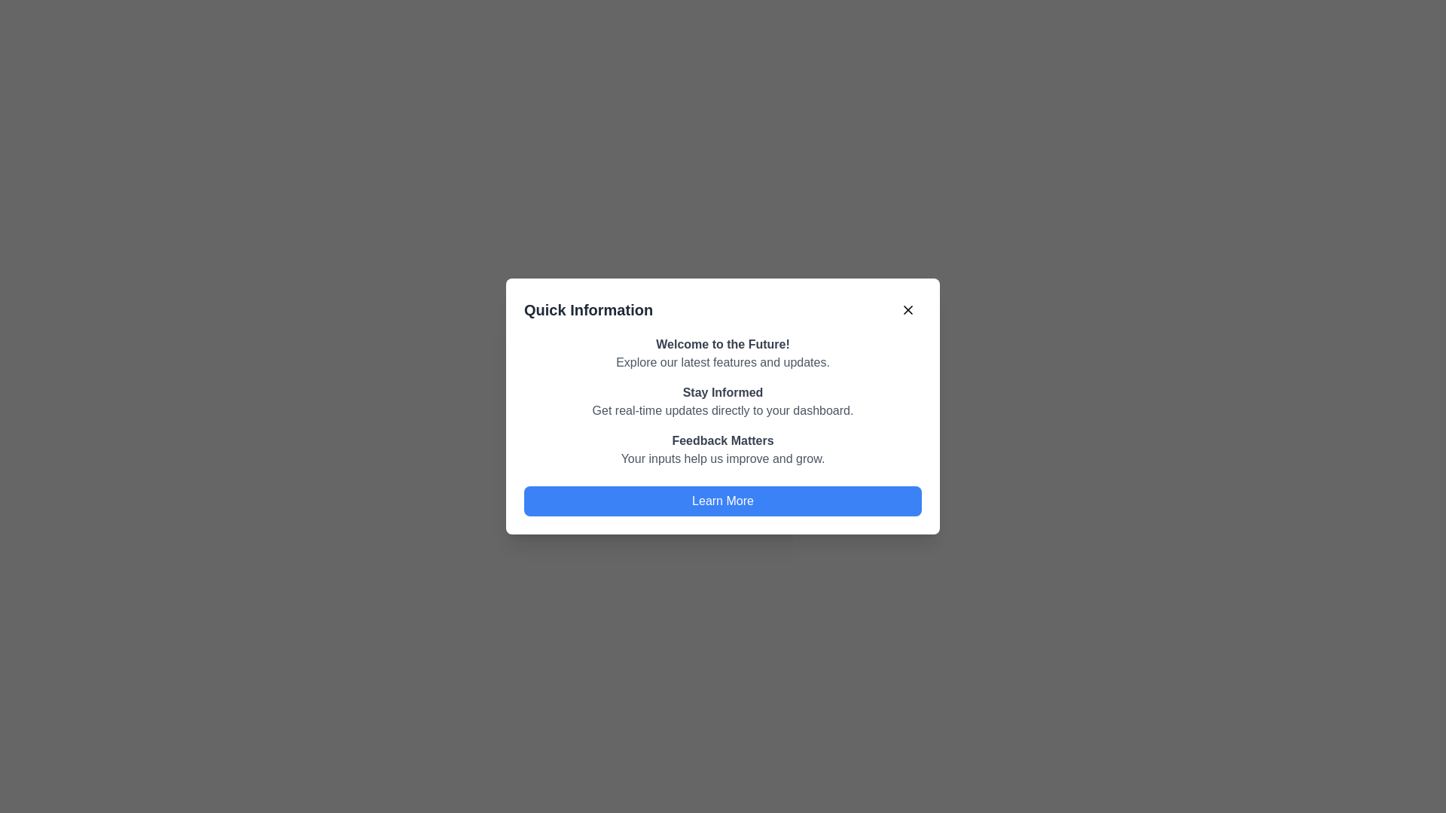 Image resolution: width=1446 pixels, height=813 pixels. Describe the element at coordinates (723, 458) in the screenshot. I see `the text label displaying 'Your inputs help us improve and grow.' which is located under the 'Feedback Matters' heading in the centered modal dialog box` at that location.